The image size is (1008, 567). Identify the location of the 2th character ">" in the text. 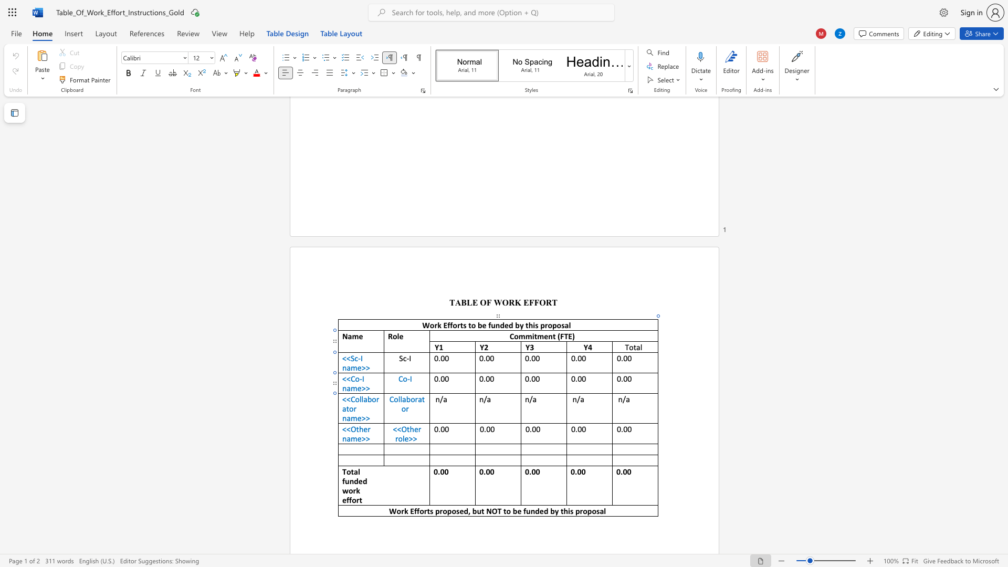
(367, 438).